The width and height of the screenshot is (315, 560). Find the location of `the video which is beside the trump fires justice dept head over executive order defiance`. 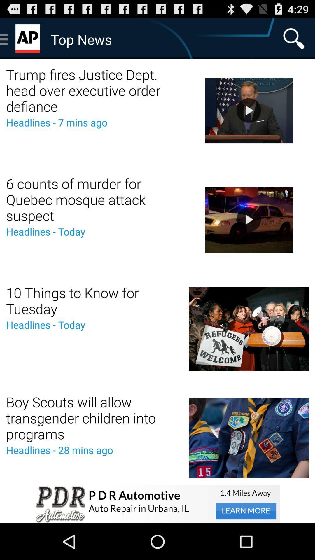

the video which is beside the trump fires justice dept head over executive order defiance is located at coordinates (249, 111).